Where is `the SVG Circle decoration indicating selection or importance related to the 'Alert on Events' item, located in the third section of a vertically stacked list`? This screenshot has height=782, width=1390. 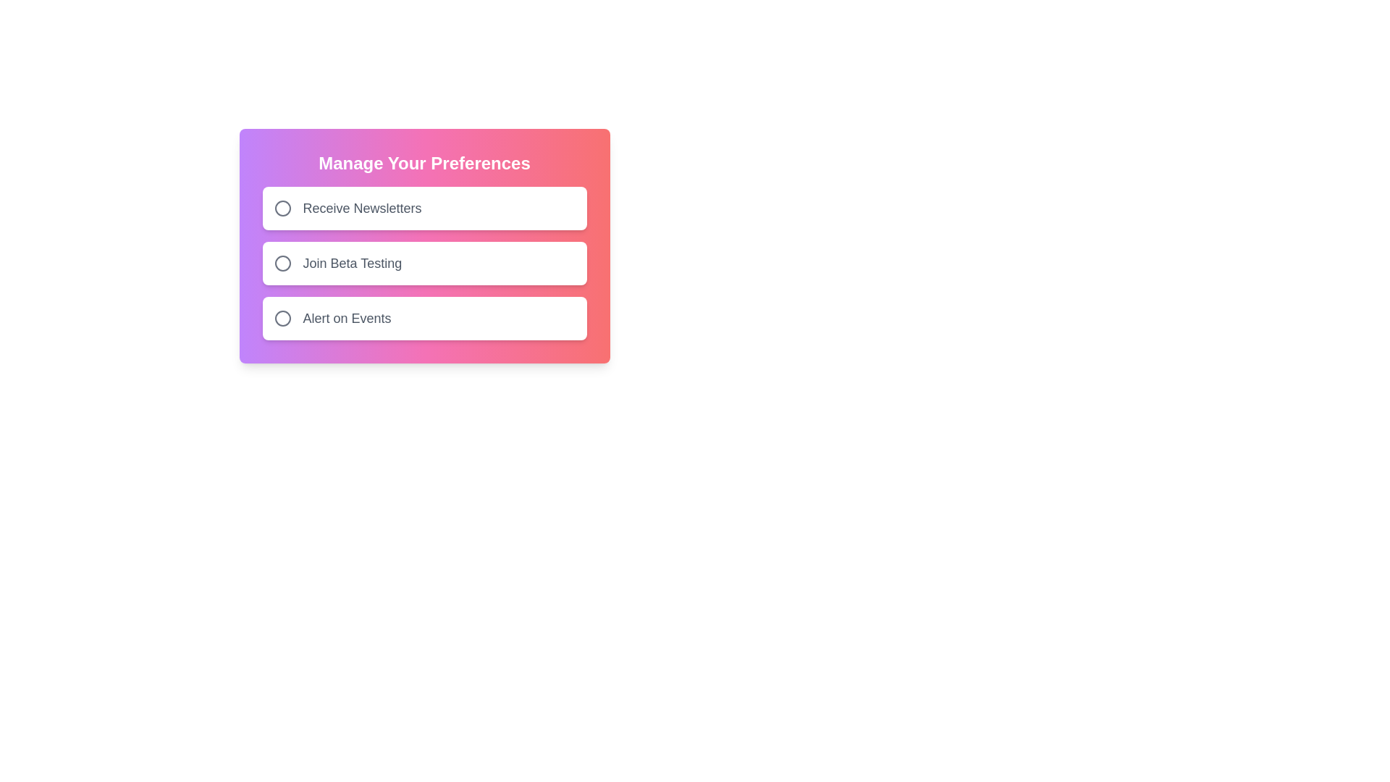 the SVG Circle decoration indicating selection or importance related to the 'Alert on Events' item, located in the third section of a vertically stacked list is located at coordinates (282, 317).